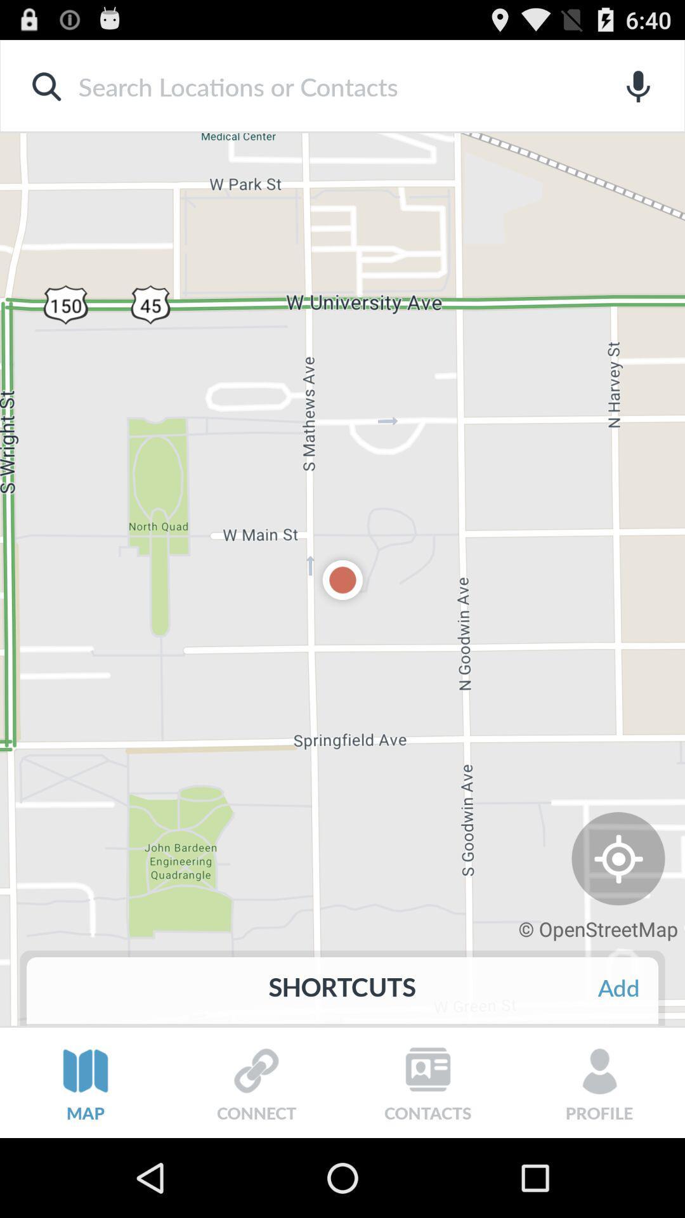 Image resolution: width=685 pixels, height=1218 pixels. I want to click on the microphone icon, so click(638, 92).